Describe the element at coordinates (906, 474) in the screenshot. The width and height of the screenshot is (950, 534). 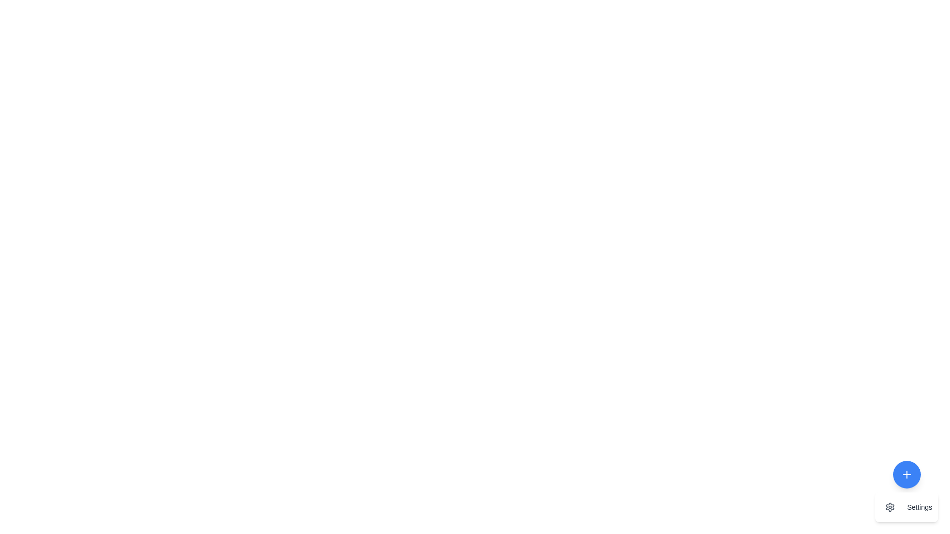
I see `the SVG icon within the circular blue button located at the bottom-right corner of the layout` at that location.